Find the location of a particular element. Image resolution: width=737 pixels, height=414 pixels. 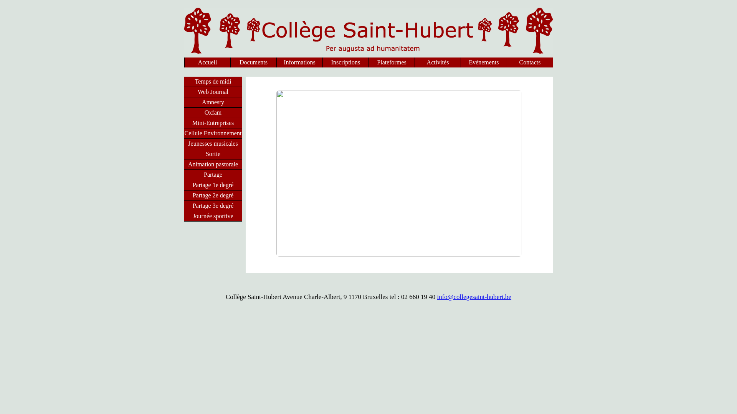

'Temps de midi' is located at coordinates (184, 81).